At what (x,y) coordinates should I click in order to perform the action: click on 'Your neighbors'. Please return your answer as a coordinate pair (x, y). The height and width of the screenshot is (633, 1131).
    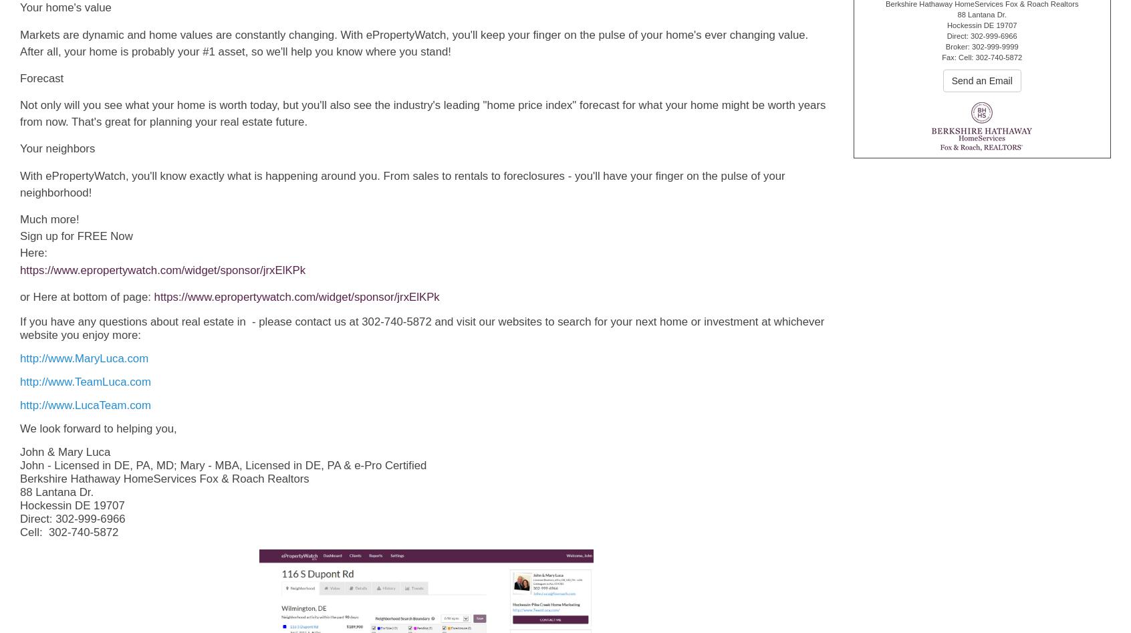
    Looking at the image, I should click on (57, 148).